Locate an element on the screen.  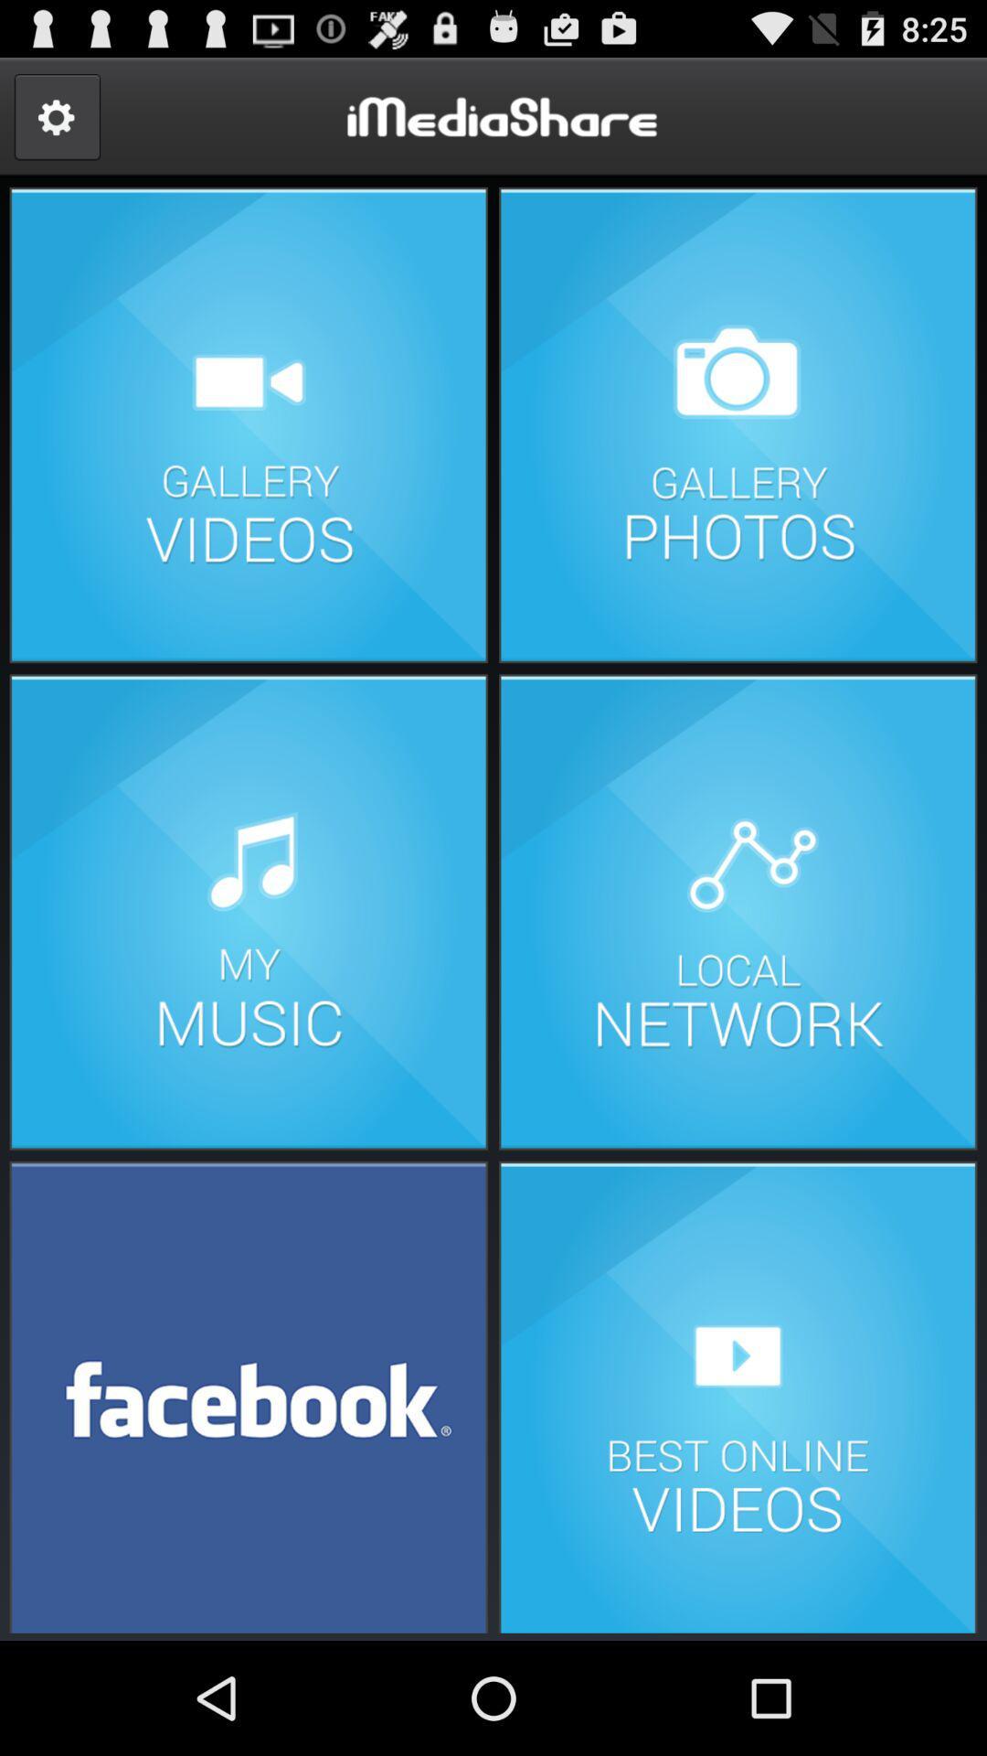
videos is located at coordinates (249, 424).